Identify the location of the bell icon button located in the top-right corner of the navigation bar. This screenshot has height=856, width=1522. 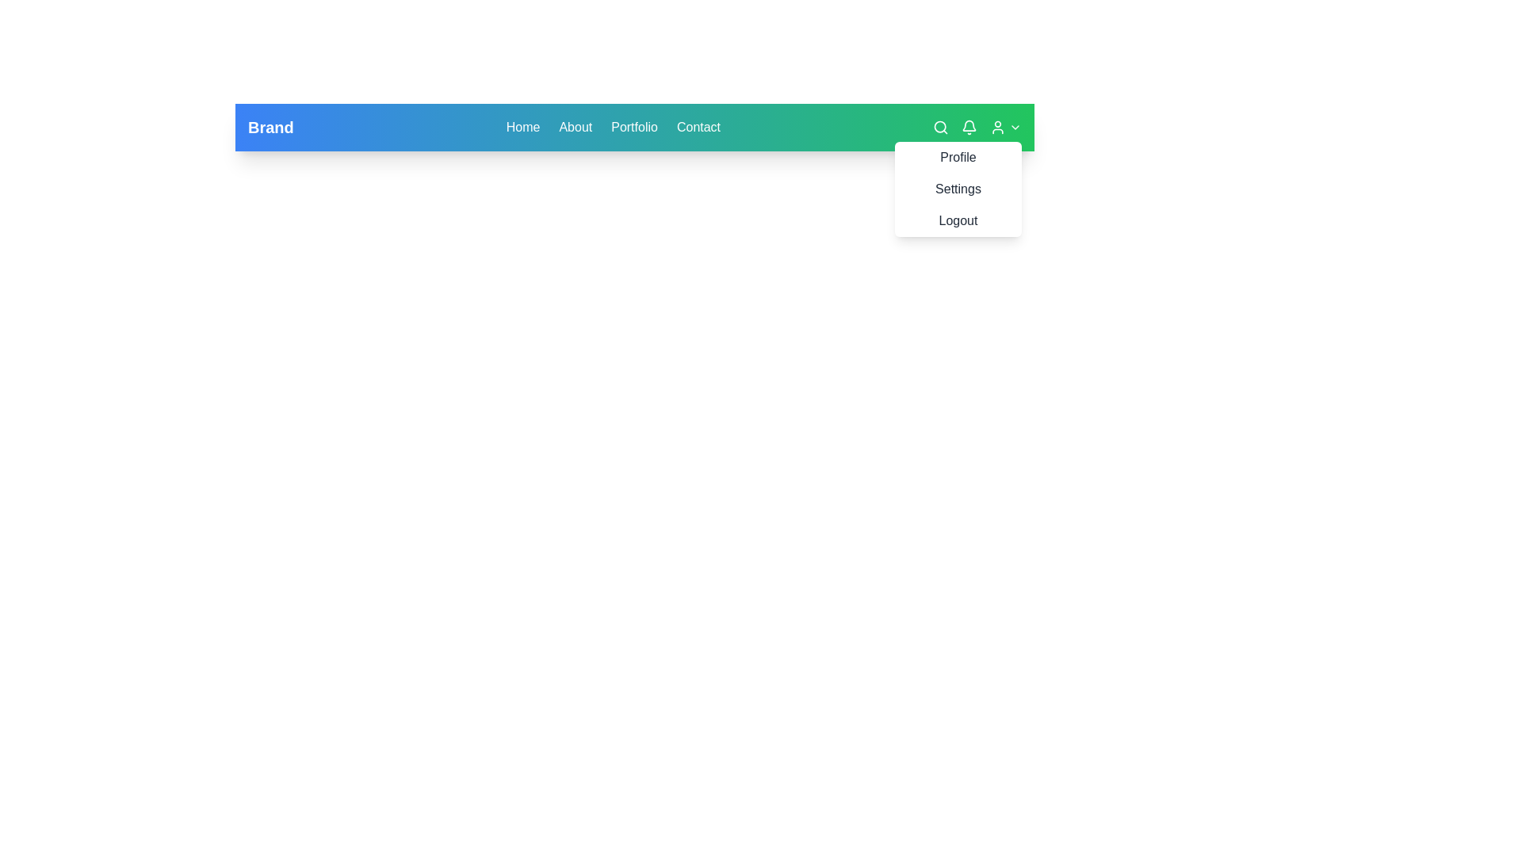
(969, 127).